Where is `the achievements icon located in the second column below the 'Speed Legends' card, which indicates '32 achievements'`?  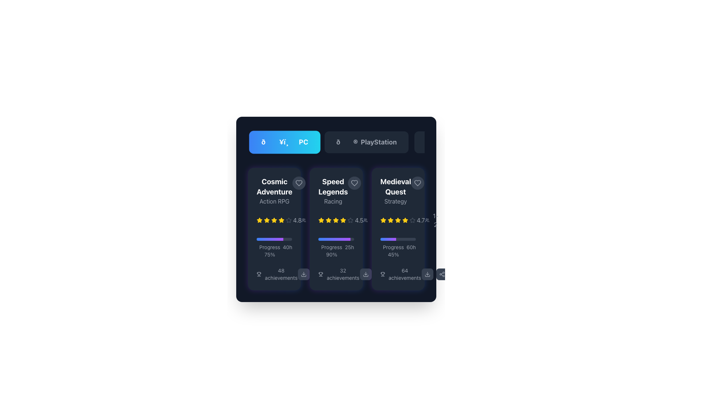
the achievements icon located in the second column below the 'Speed Legends' card, which indicates '32 achievements' is located at coordinates (321, 274).